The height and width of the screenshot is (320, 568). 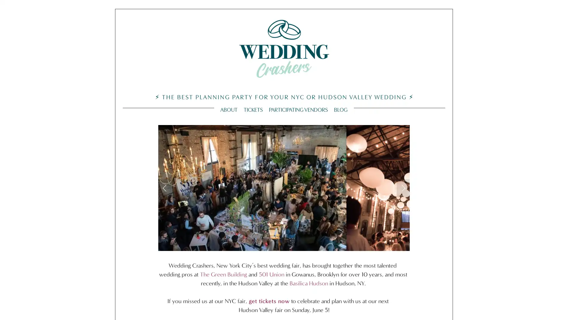 I want to click on Previous Slide, so click(x=164, y=188).